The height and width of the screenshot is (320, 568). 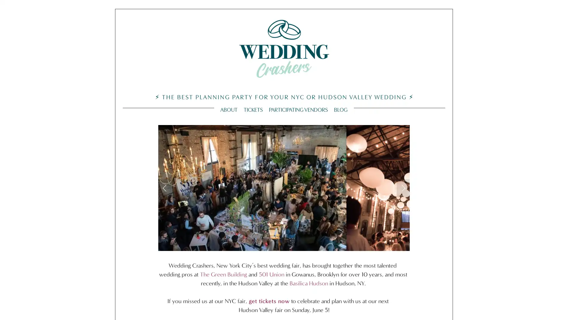 I want to click on Previous Slide, so click(x=164, y=188).